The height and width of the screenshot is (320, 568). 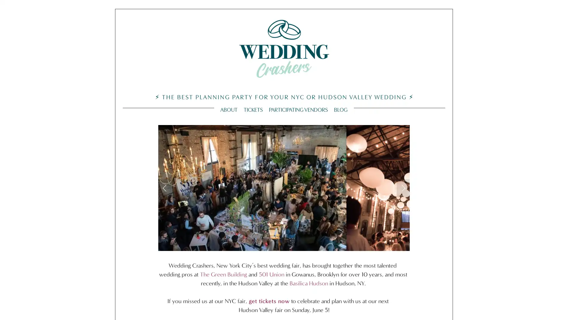 I want to click on Previous Slide, so click(x=164, y=188).